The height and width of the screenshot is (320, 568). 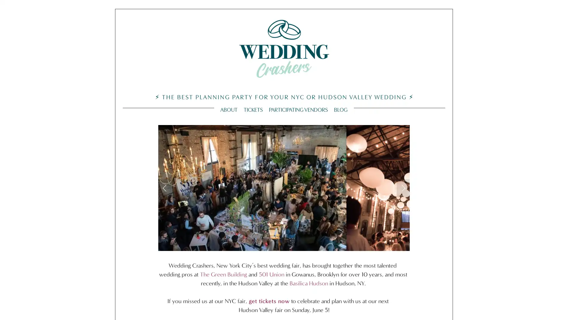 I want to click on Previous Slide, so click(x=164, y=188).